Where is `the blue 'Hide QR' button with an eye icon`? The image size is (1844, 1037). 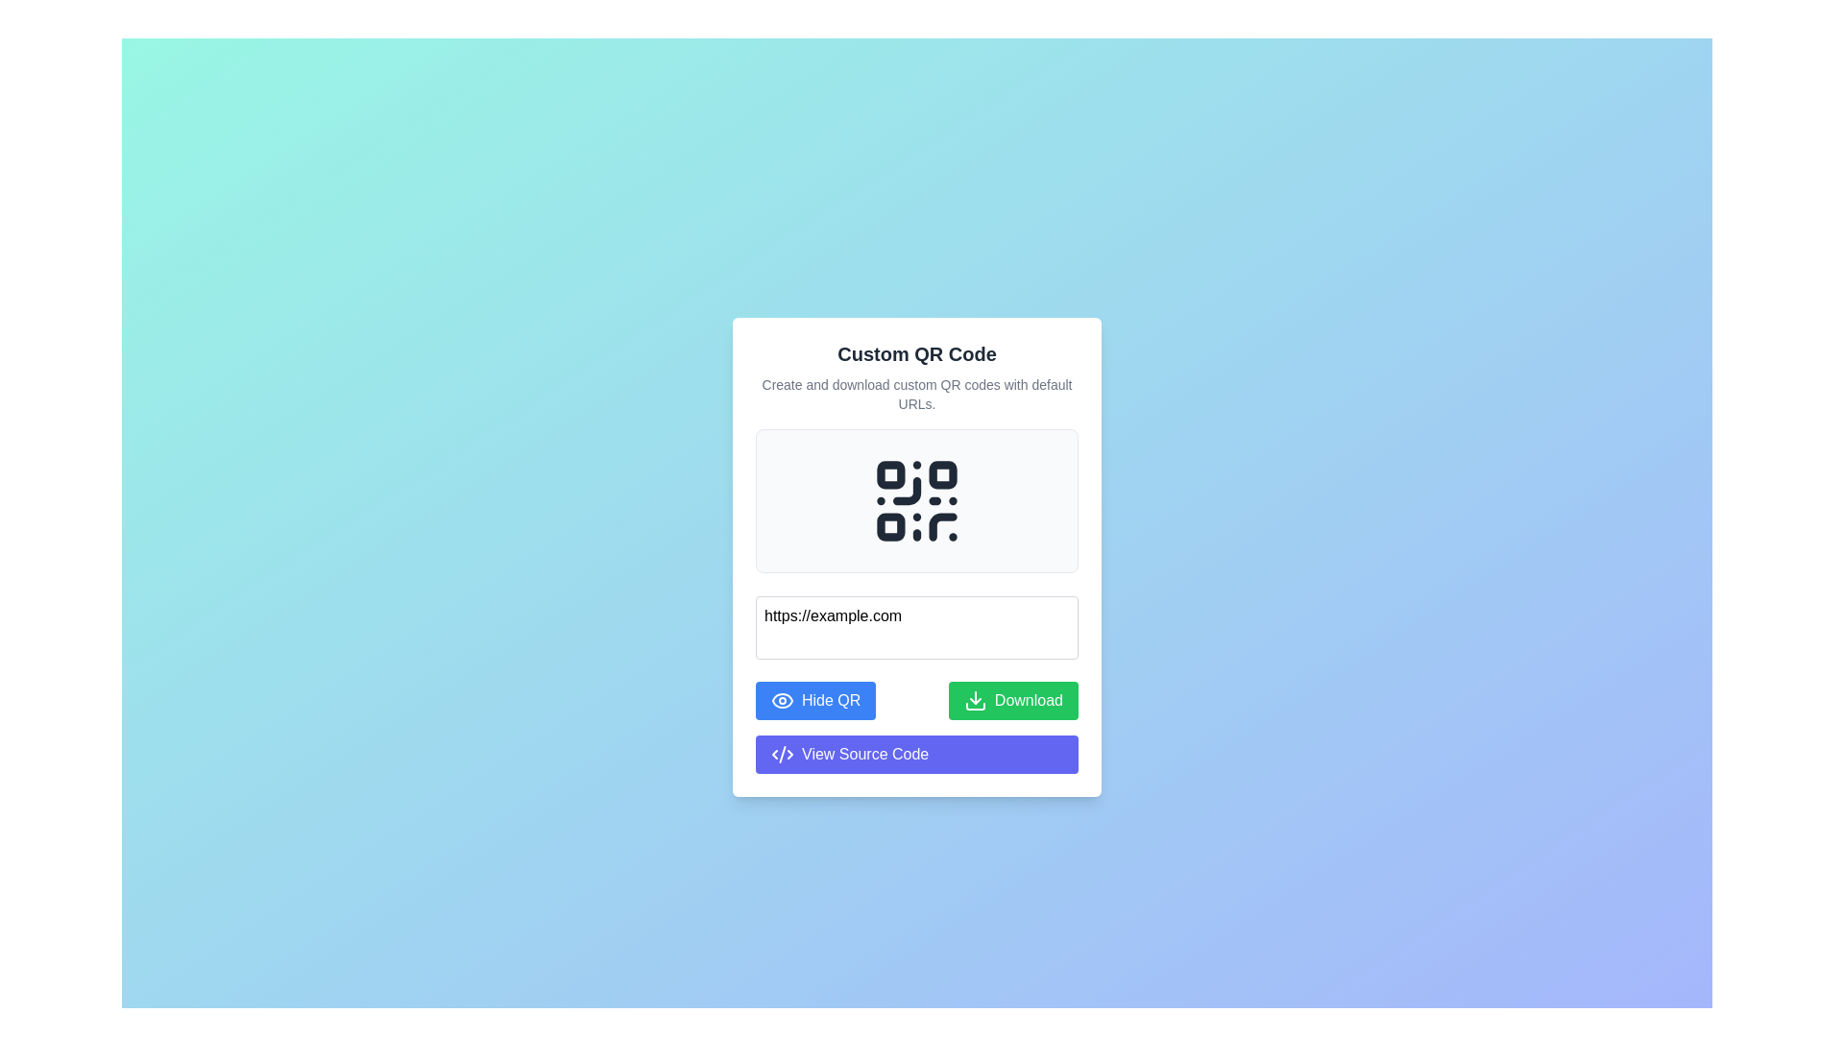
the blue 'Hide QR' button with an eye icon is located at coordinates (815, 700).